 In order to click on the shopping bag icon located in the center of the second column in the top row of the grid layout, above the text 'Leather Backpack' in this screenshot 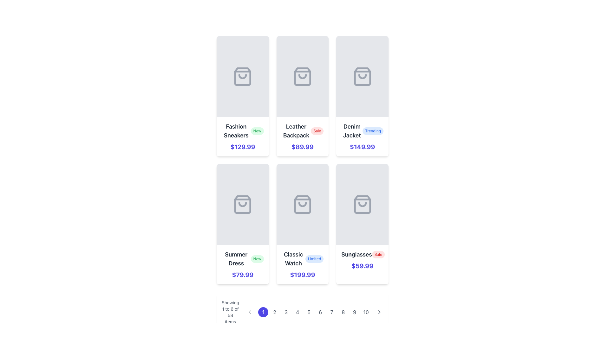, I will do `click(302, 76)`.